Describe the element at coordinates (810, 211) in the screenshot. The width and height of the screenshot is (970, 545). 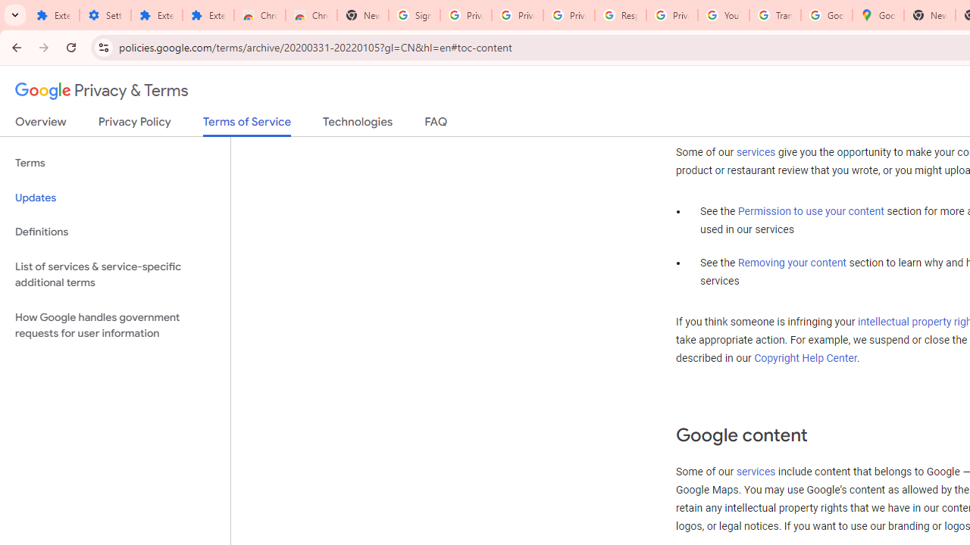
I see `'Permission to use your content'` at that location.